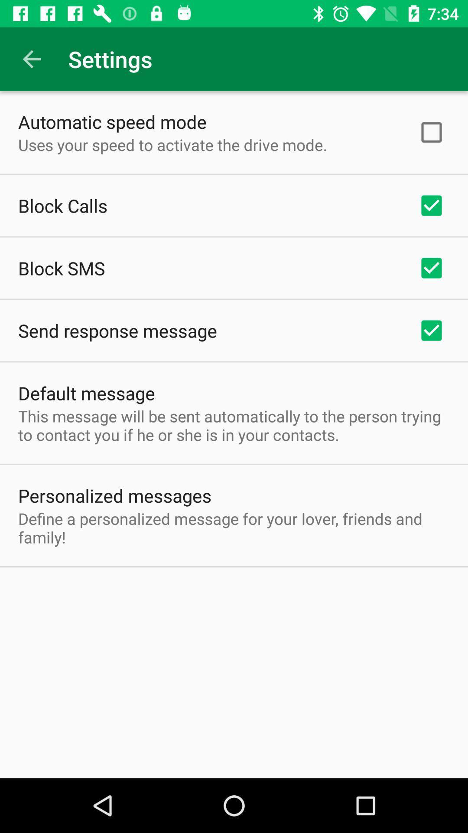 The width and height of the screenshot is (468, 833). I want to click on the block sms icon, so click(61, 268).